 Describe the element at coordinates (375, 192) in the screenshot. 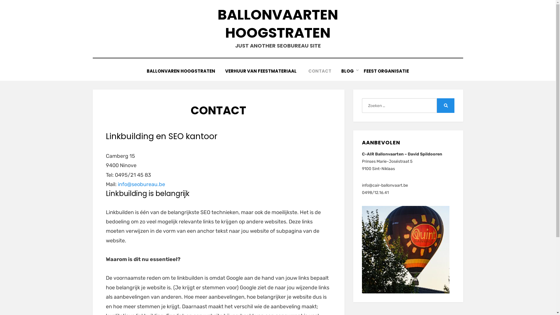

I see `'0498/12.16.41'` at that location.